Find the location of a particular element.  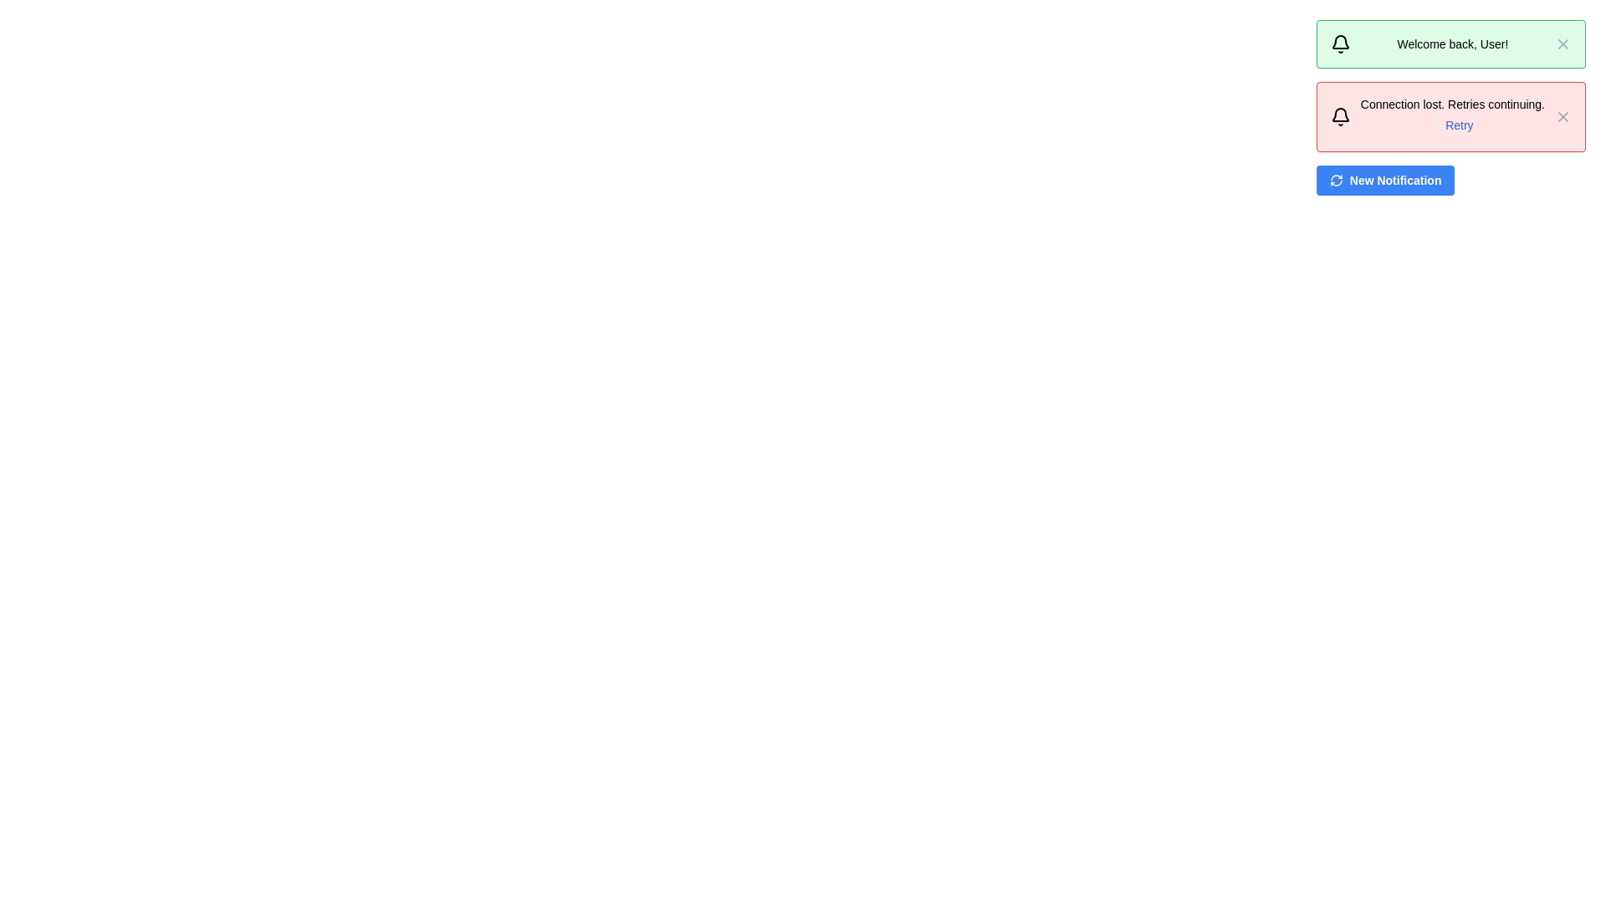

the static text that informs the user about a connection issue, located at the top of the notification panel above the 'Retry' button is located at coordinates (1451, 104).